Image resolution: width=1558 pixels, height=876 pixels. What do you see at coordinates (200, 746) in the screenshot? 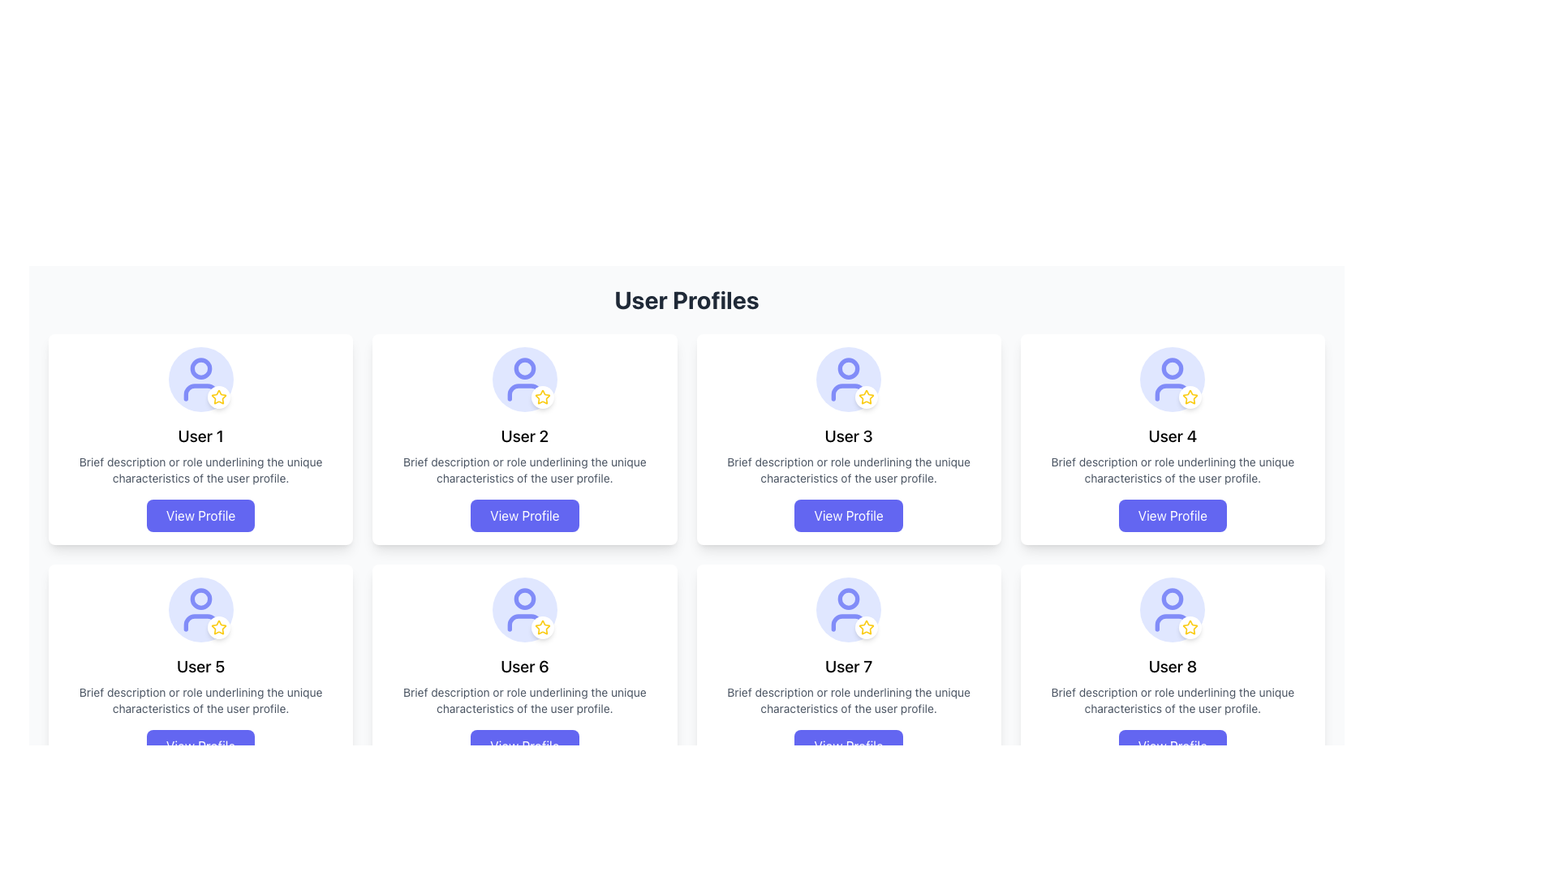
I see `the 'View Profile' button, which is a rectangular button with rounded corners, purple background, and white text, located at the bottom-center of the card labeled 'User 5'` at bounding box center [200, 746].